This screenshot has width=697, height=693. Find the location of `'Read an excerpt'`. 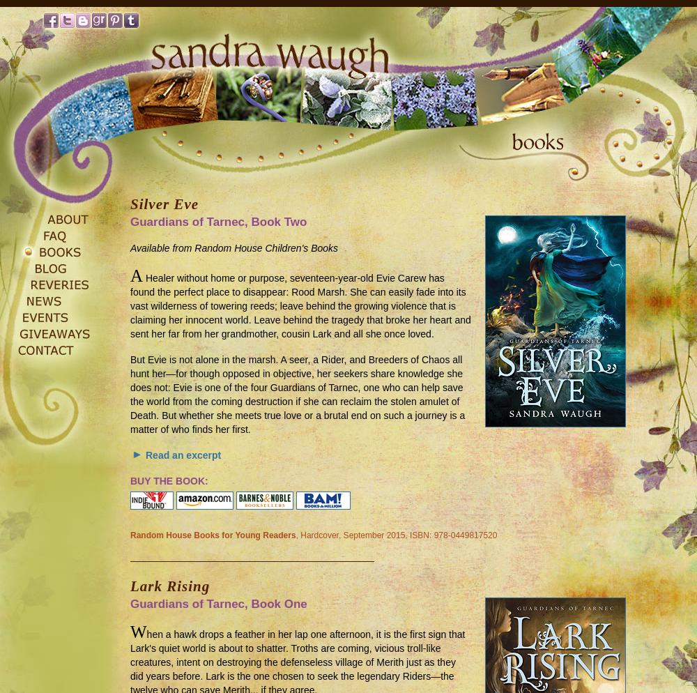

'Read an excerpt' is located at coordinates (183, 455).